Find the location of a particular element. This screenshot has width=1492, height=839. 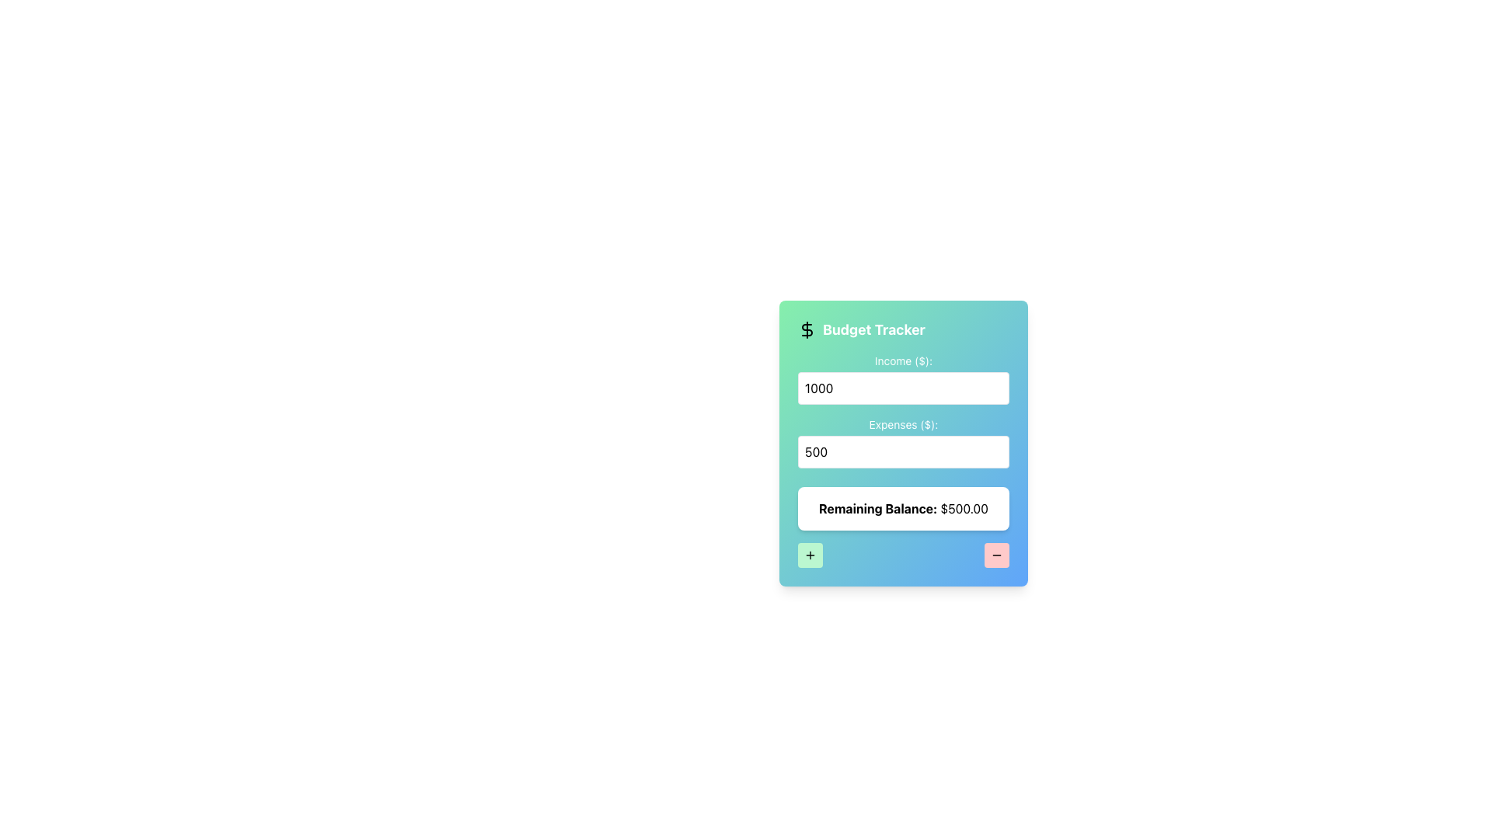

the dollar sign icon, which is an SVG graphic with rounded edges, black in color, and positioned on a green background, located to the left of the 'Budget Tracker' text is located at coordinates (807, 329).